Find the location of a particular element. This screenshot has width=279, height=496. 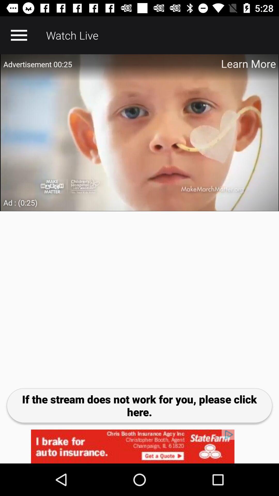

the menu icon is located at coordinates (19, 35).